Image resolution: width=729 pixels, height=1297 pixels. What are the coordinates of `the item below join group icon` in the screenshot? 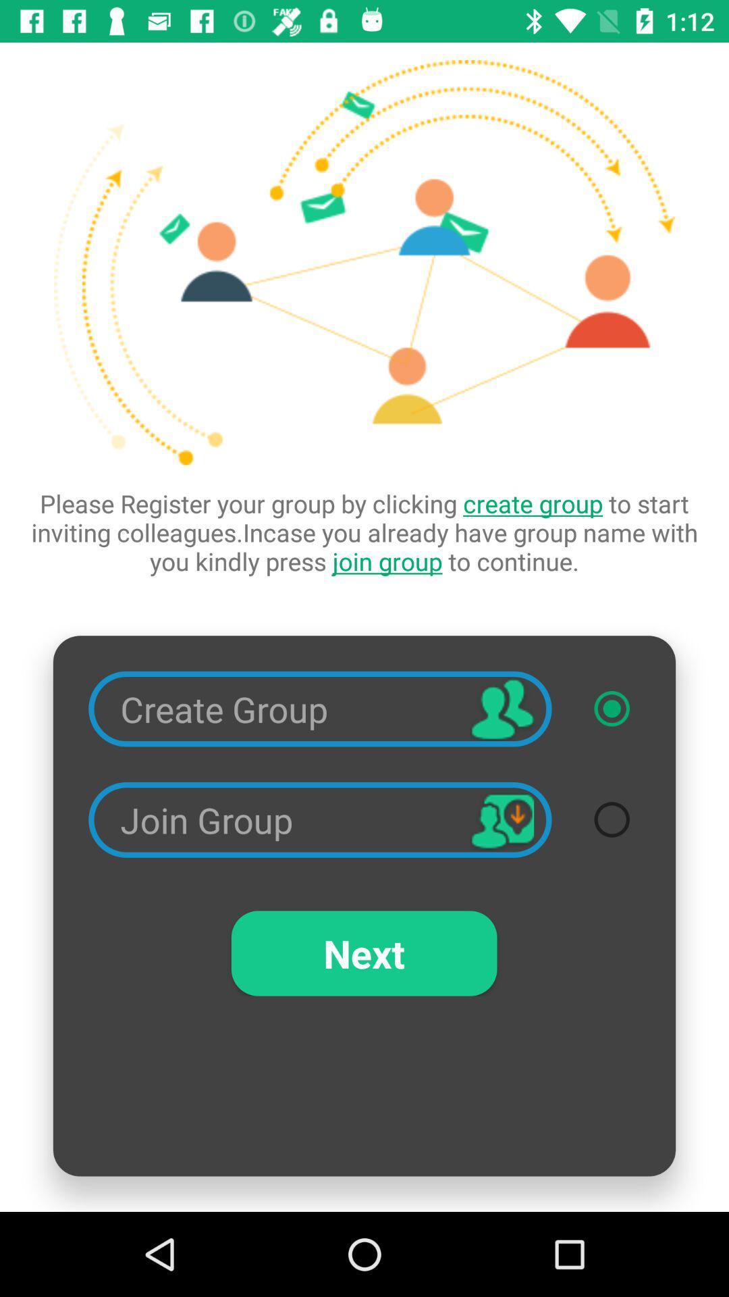 It's located at (363, 952).